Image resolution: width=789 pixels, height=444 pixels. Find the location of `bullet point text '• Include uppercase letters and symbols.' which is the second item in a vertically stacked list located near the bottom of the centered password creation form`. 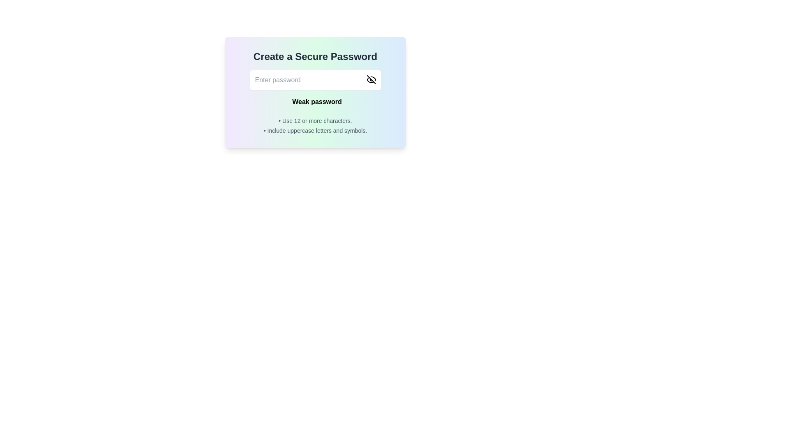

bullet point text '• Include uppercase letters and symbols.' which is the second item in a vertically stacked list located near the bottom of the centered password creation form is located at coordinates (315, 130).